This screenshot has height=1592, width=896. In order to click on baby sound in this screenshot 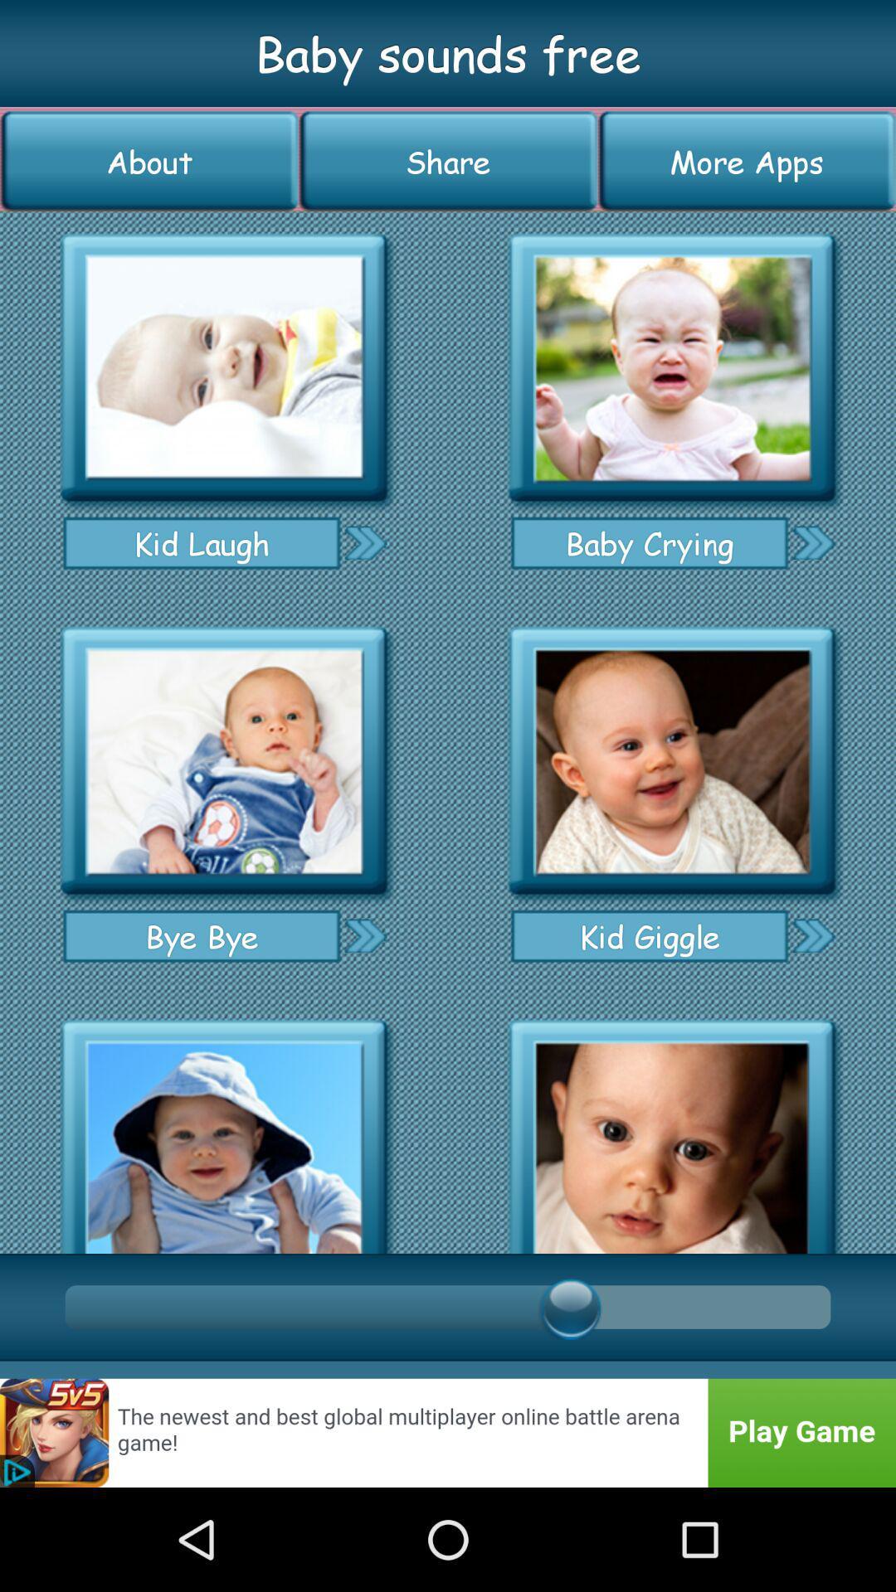, I will do `click(224, 1130)`.